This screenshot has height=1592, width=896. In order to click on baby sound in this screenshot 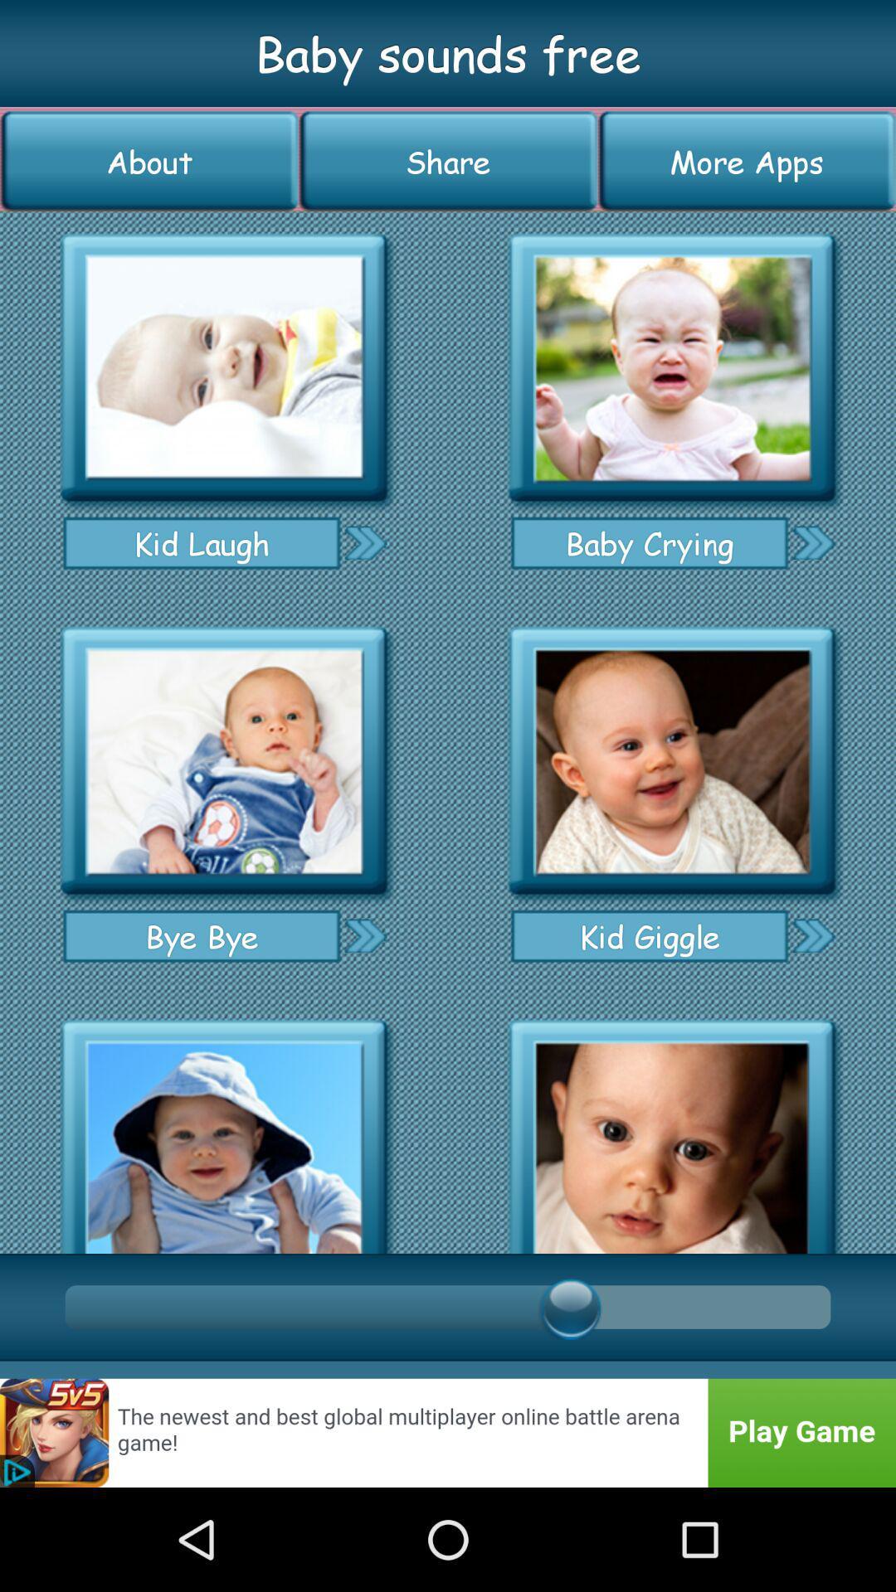, I will do `click(224, 1130)`.